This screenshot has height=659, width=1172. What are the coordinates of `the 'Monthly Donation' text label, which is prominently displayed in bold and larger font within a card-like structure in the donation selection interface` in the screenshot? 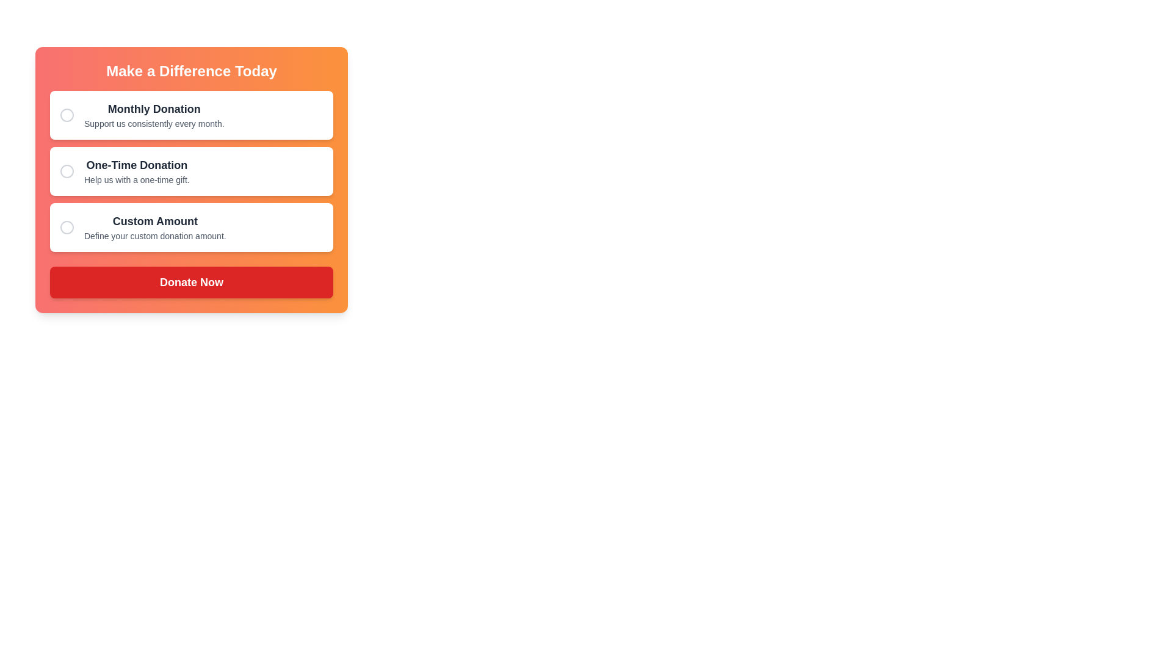 It's located at (153, 108).